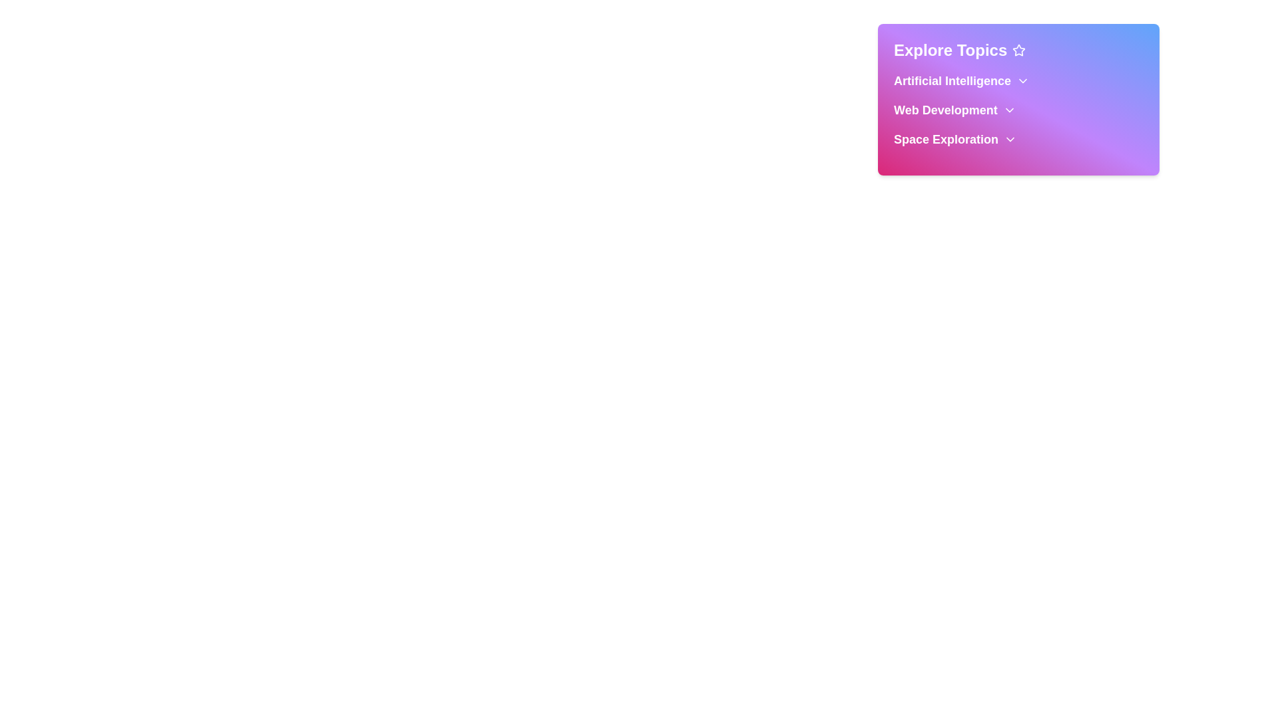 This screenshot has width=1278, height=718. I want to click on the 'Artificial Intelligence' dropdown selector located, so click(1018, 81).